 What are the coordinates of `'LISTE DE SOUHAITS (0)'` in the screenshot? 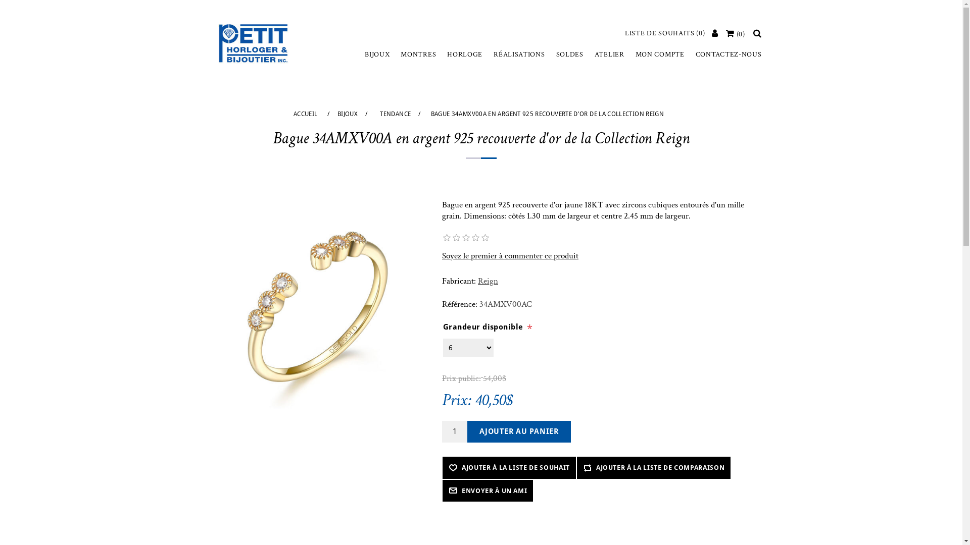 It's located at (665, 32).